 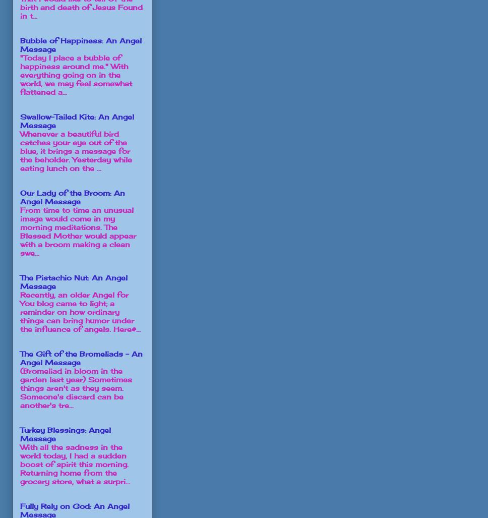 What do you see at coordinates (76, 387) in the screenshot?
I see `'(Bromeliad in bloom in the garden last year)    Sometimes things aren't as they seem.  Someone's discard can be another's tre...'` at bounding box center [76, 387].